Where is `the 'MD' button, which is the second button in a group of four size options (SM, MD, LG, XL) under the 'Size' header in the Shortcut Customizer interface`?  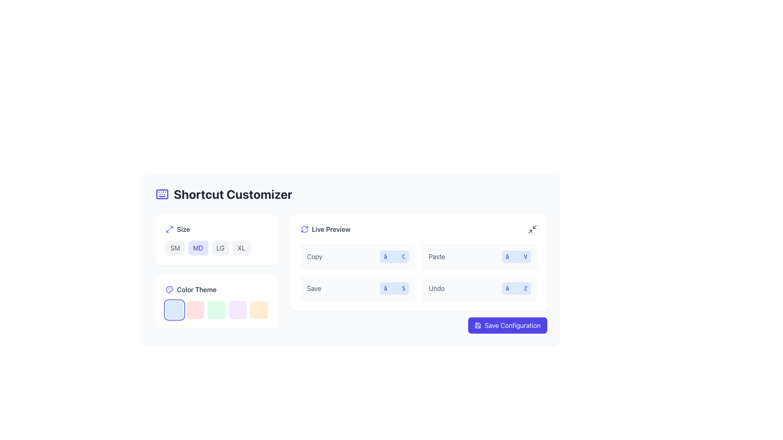
the 'MD' button, which is the second button in a group of four size options (SM, MD, LG, XL) under the 'Size' header in the Shortcut Customizer interface is located at coordinates (198, 248).